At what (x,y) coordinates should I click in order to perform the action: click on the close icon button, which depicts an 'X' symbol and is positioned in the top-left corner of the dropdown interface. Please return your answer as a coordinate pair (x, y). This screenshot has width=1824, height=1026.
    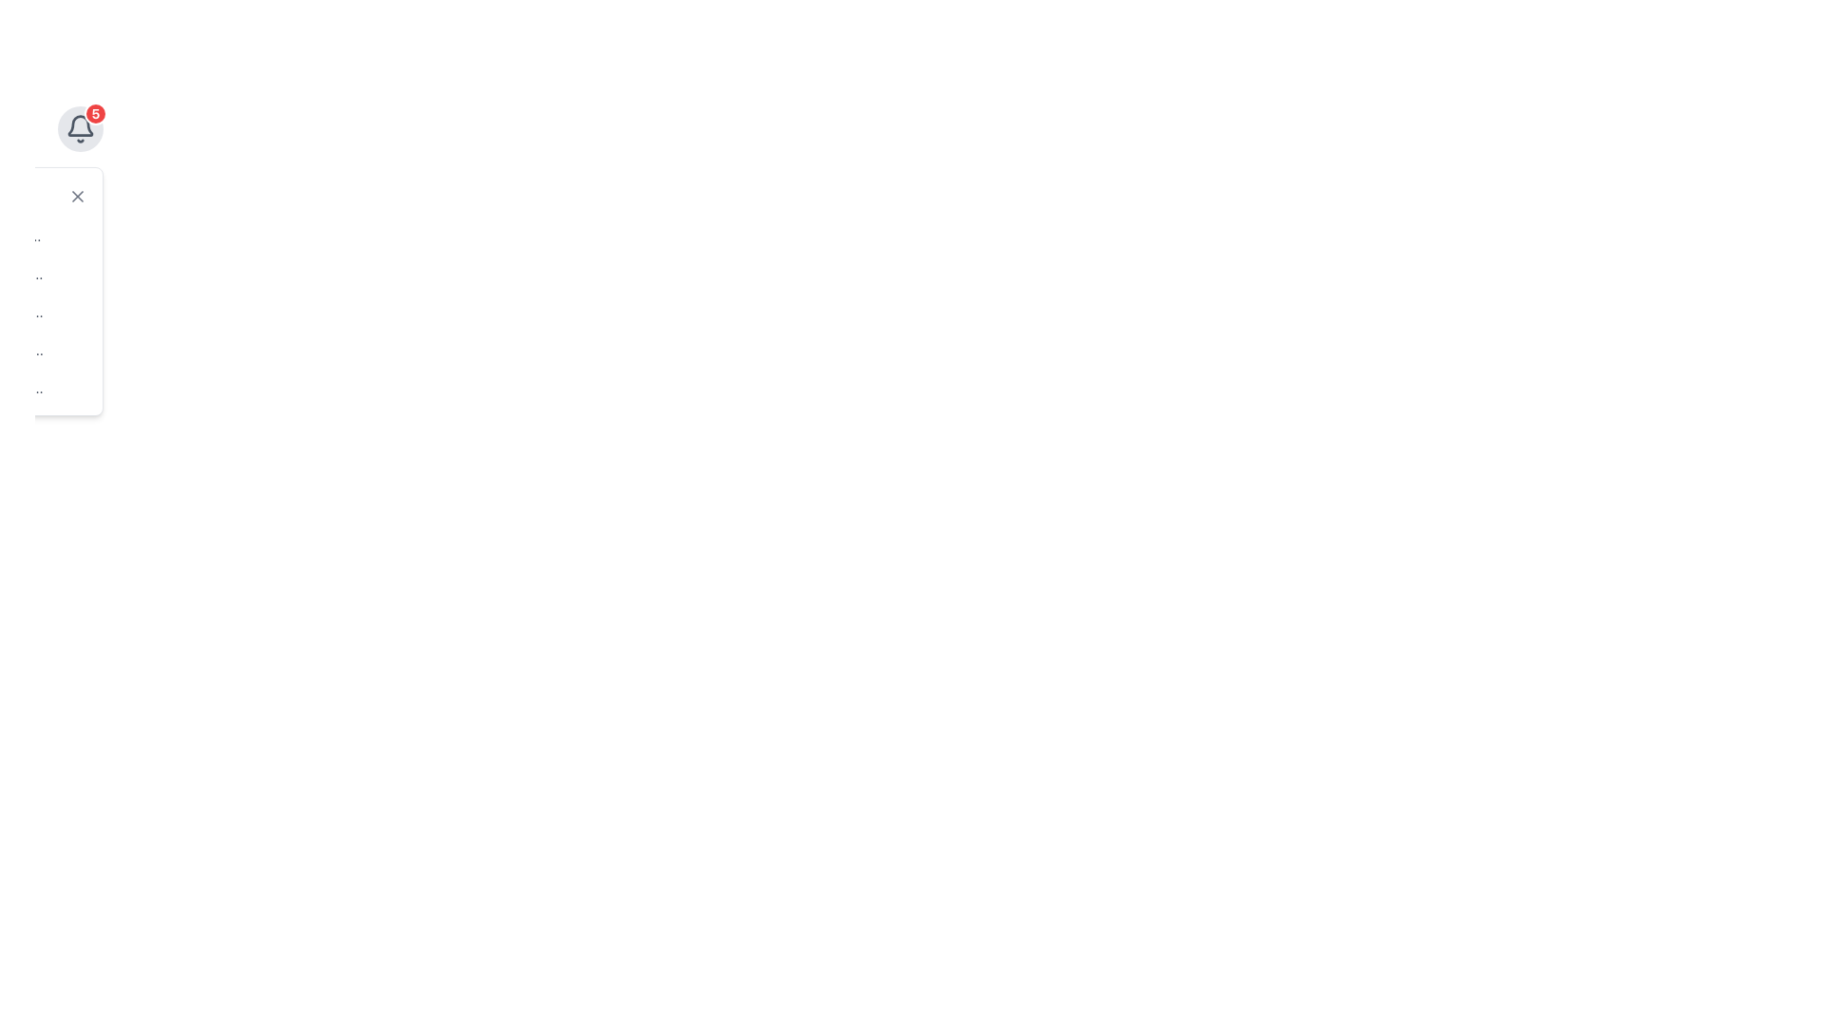
    Looking at the image, I should click on (76, 197).